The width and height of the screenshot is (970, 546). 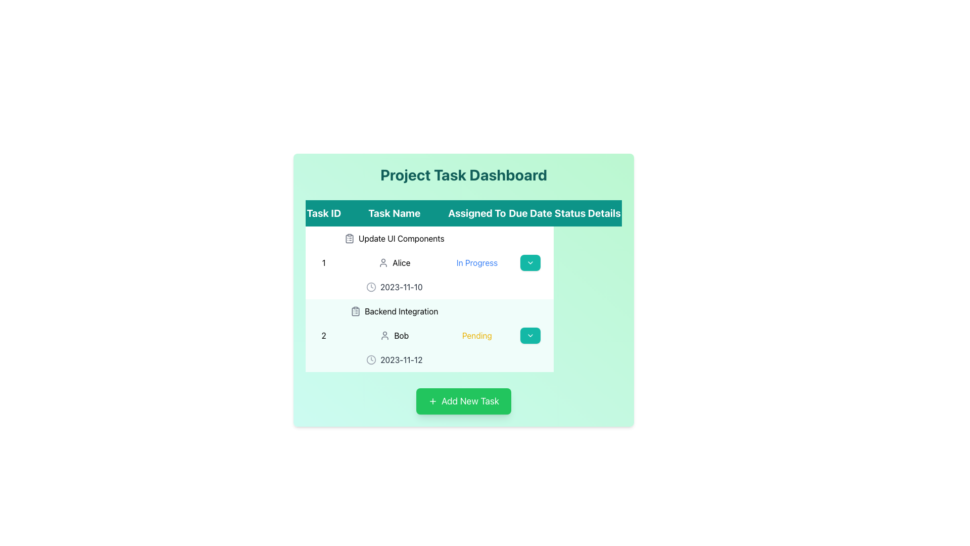 What do you see at coordinates (463, 262) in the screenshot?
I see `the first row of the task management dashboard` at bounding box center [463, 262].